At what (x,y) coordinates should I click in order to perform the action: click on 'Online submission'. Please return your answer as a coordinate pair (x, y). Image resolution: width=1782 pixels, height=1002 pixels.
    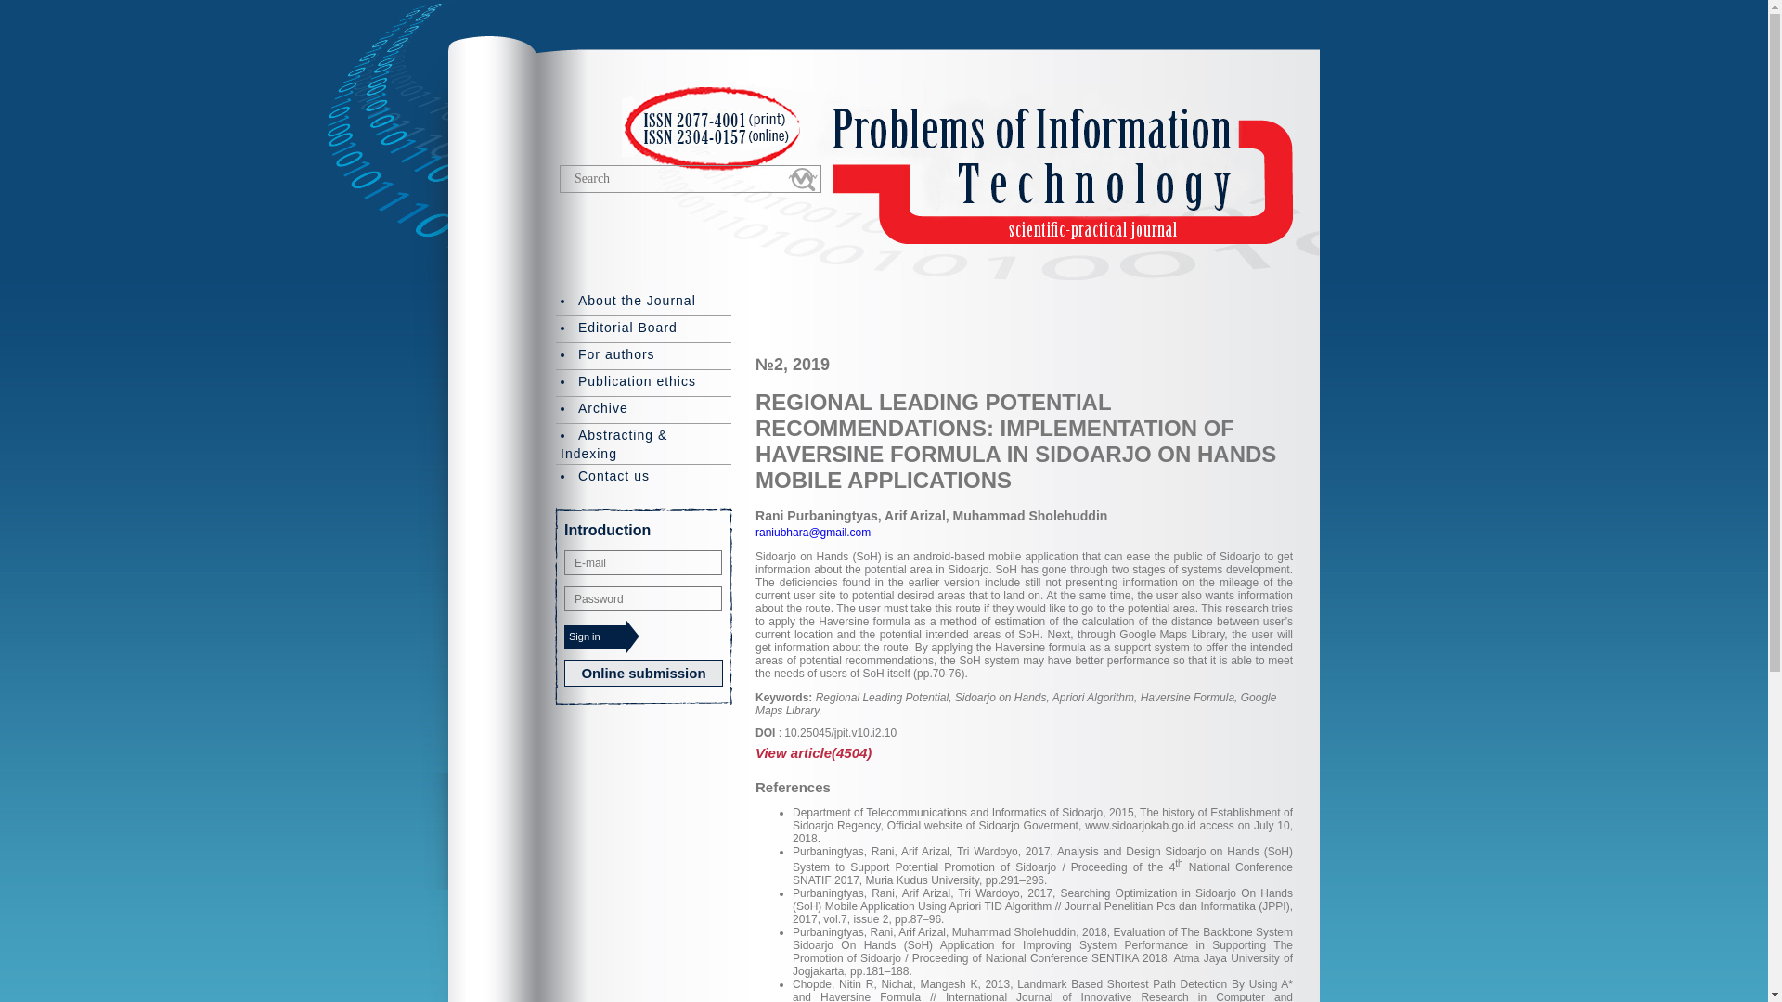
    Looking at the image, I should click on (643, 673).